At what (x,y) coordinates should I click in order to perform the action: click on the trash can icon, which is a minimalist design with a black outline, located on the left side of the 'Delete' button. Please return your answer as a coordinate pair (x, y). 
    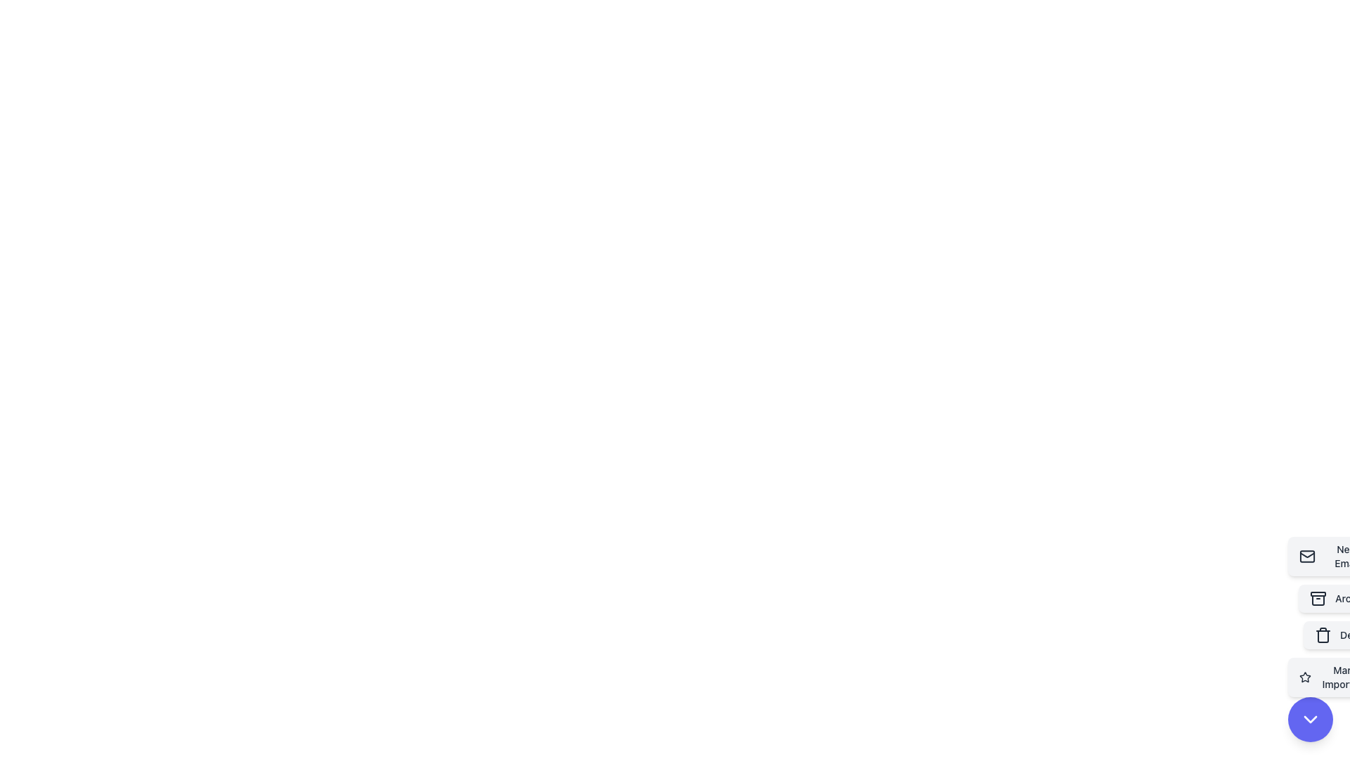
    Looking at the image, I should click on (1323, 635).